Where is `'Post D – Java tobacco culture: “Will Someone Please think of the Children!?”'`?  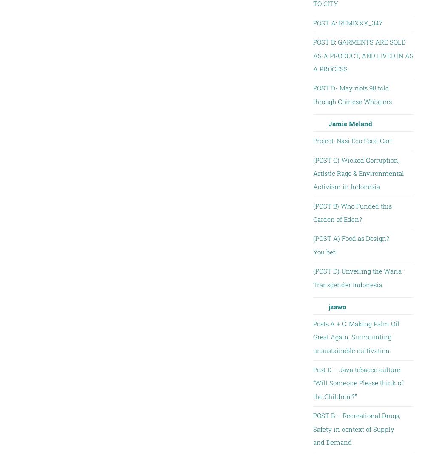 'Post D – Java tobacco culture: “Will Someone Please think of the Children!?”' is located at coordinates (357, 382).